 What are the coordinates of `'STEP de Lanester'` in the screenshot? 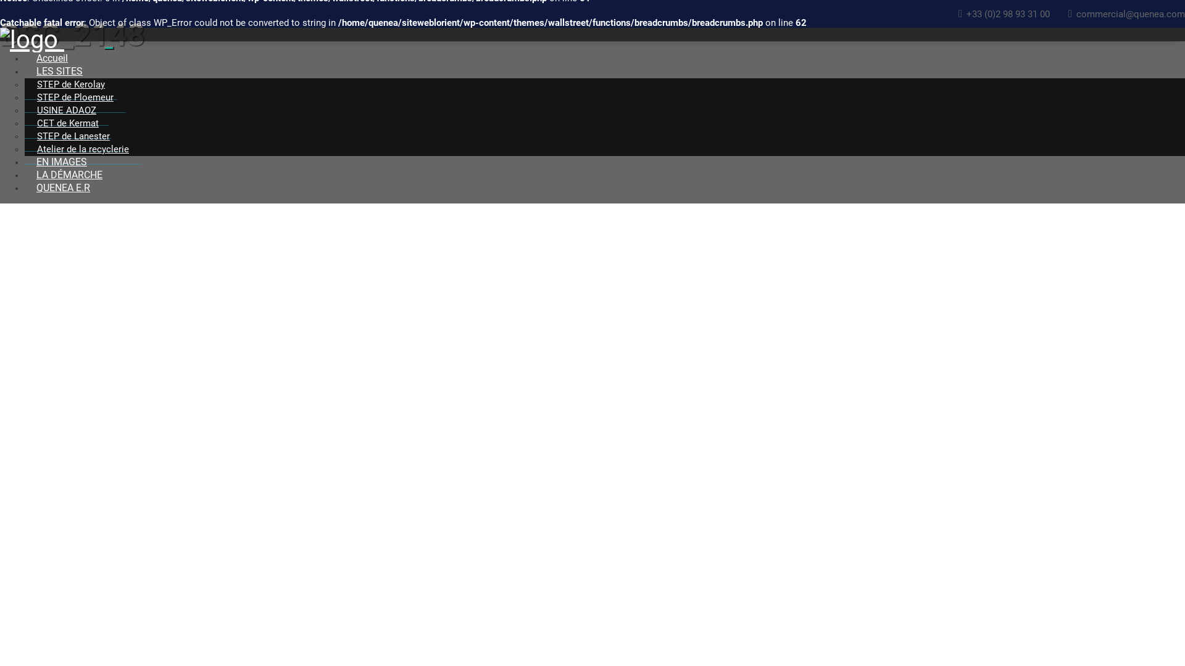 It's located at (73, 136).